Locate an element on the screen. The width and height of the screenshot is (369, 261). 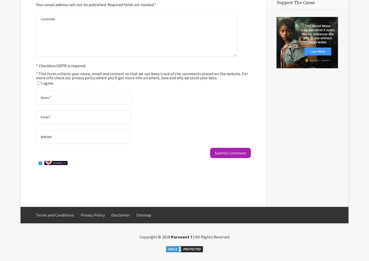
'Support The Cause' is located at coordinates (296, 2).